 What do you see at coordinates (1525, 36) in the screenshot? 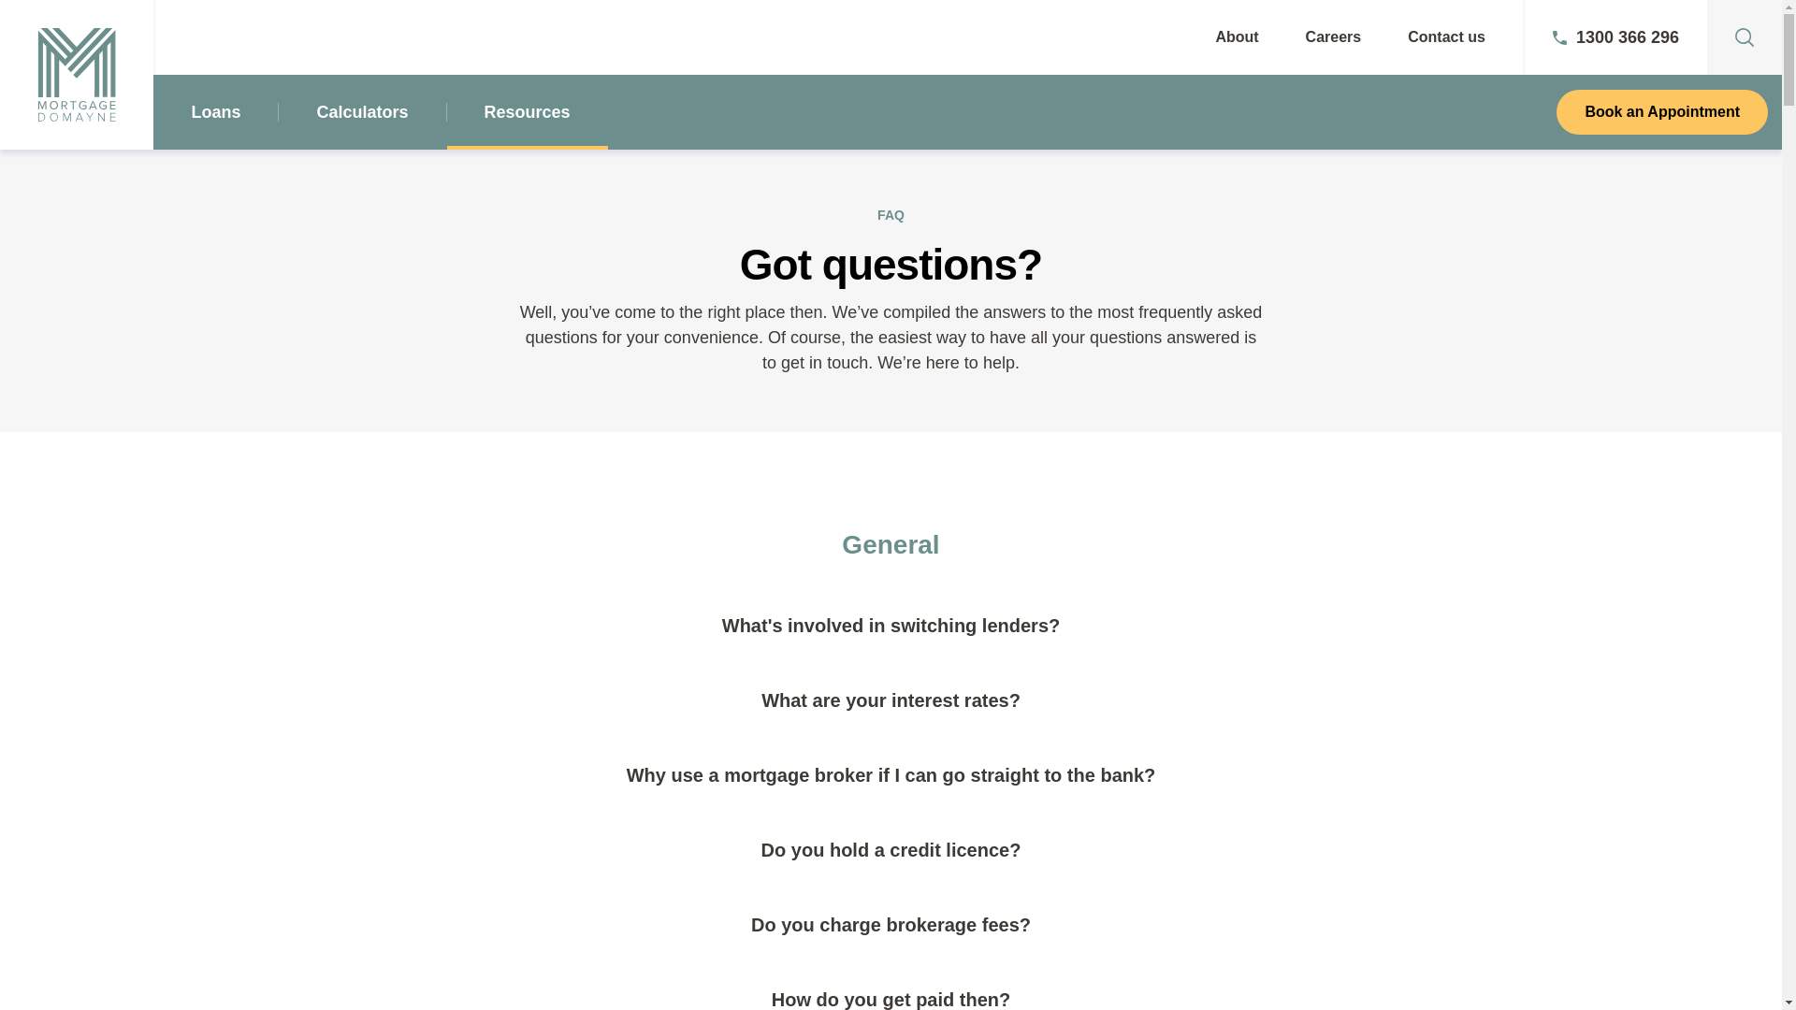
I see `'1300 366 296'` at bounding box center [1525, 36].